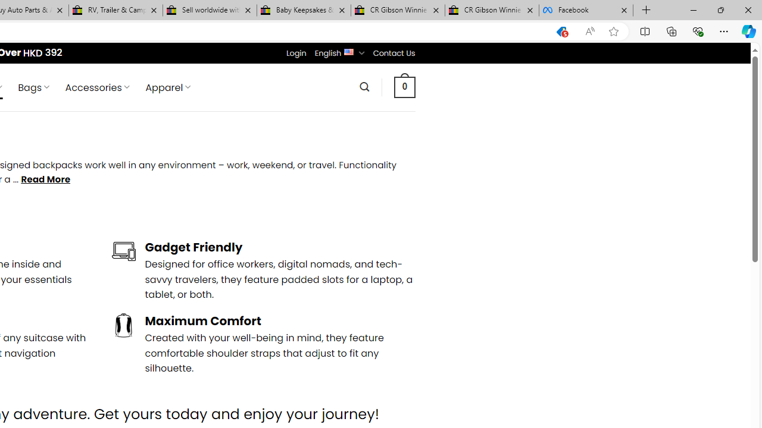  I want to click on 'Facebook', so click(586, 10).